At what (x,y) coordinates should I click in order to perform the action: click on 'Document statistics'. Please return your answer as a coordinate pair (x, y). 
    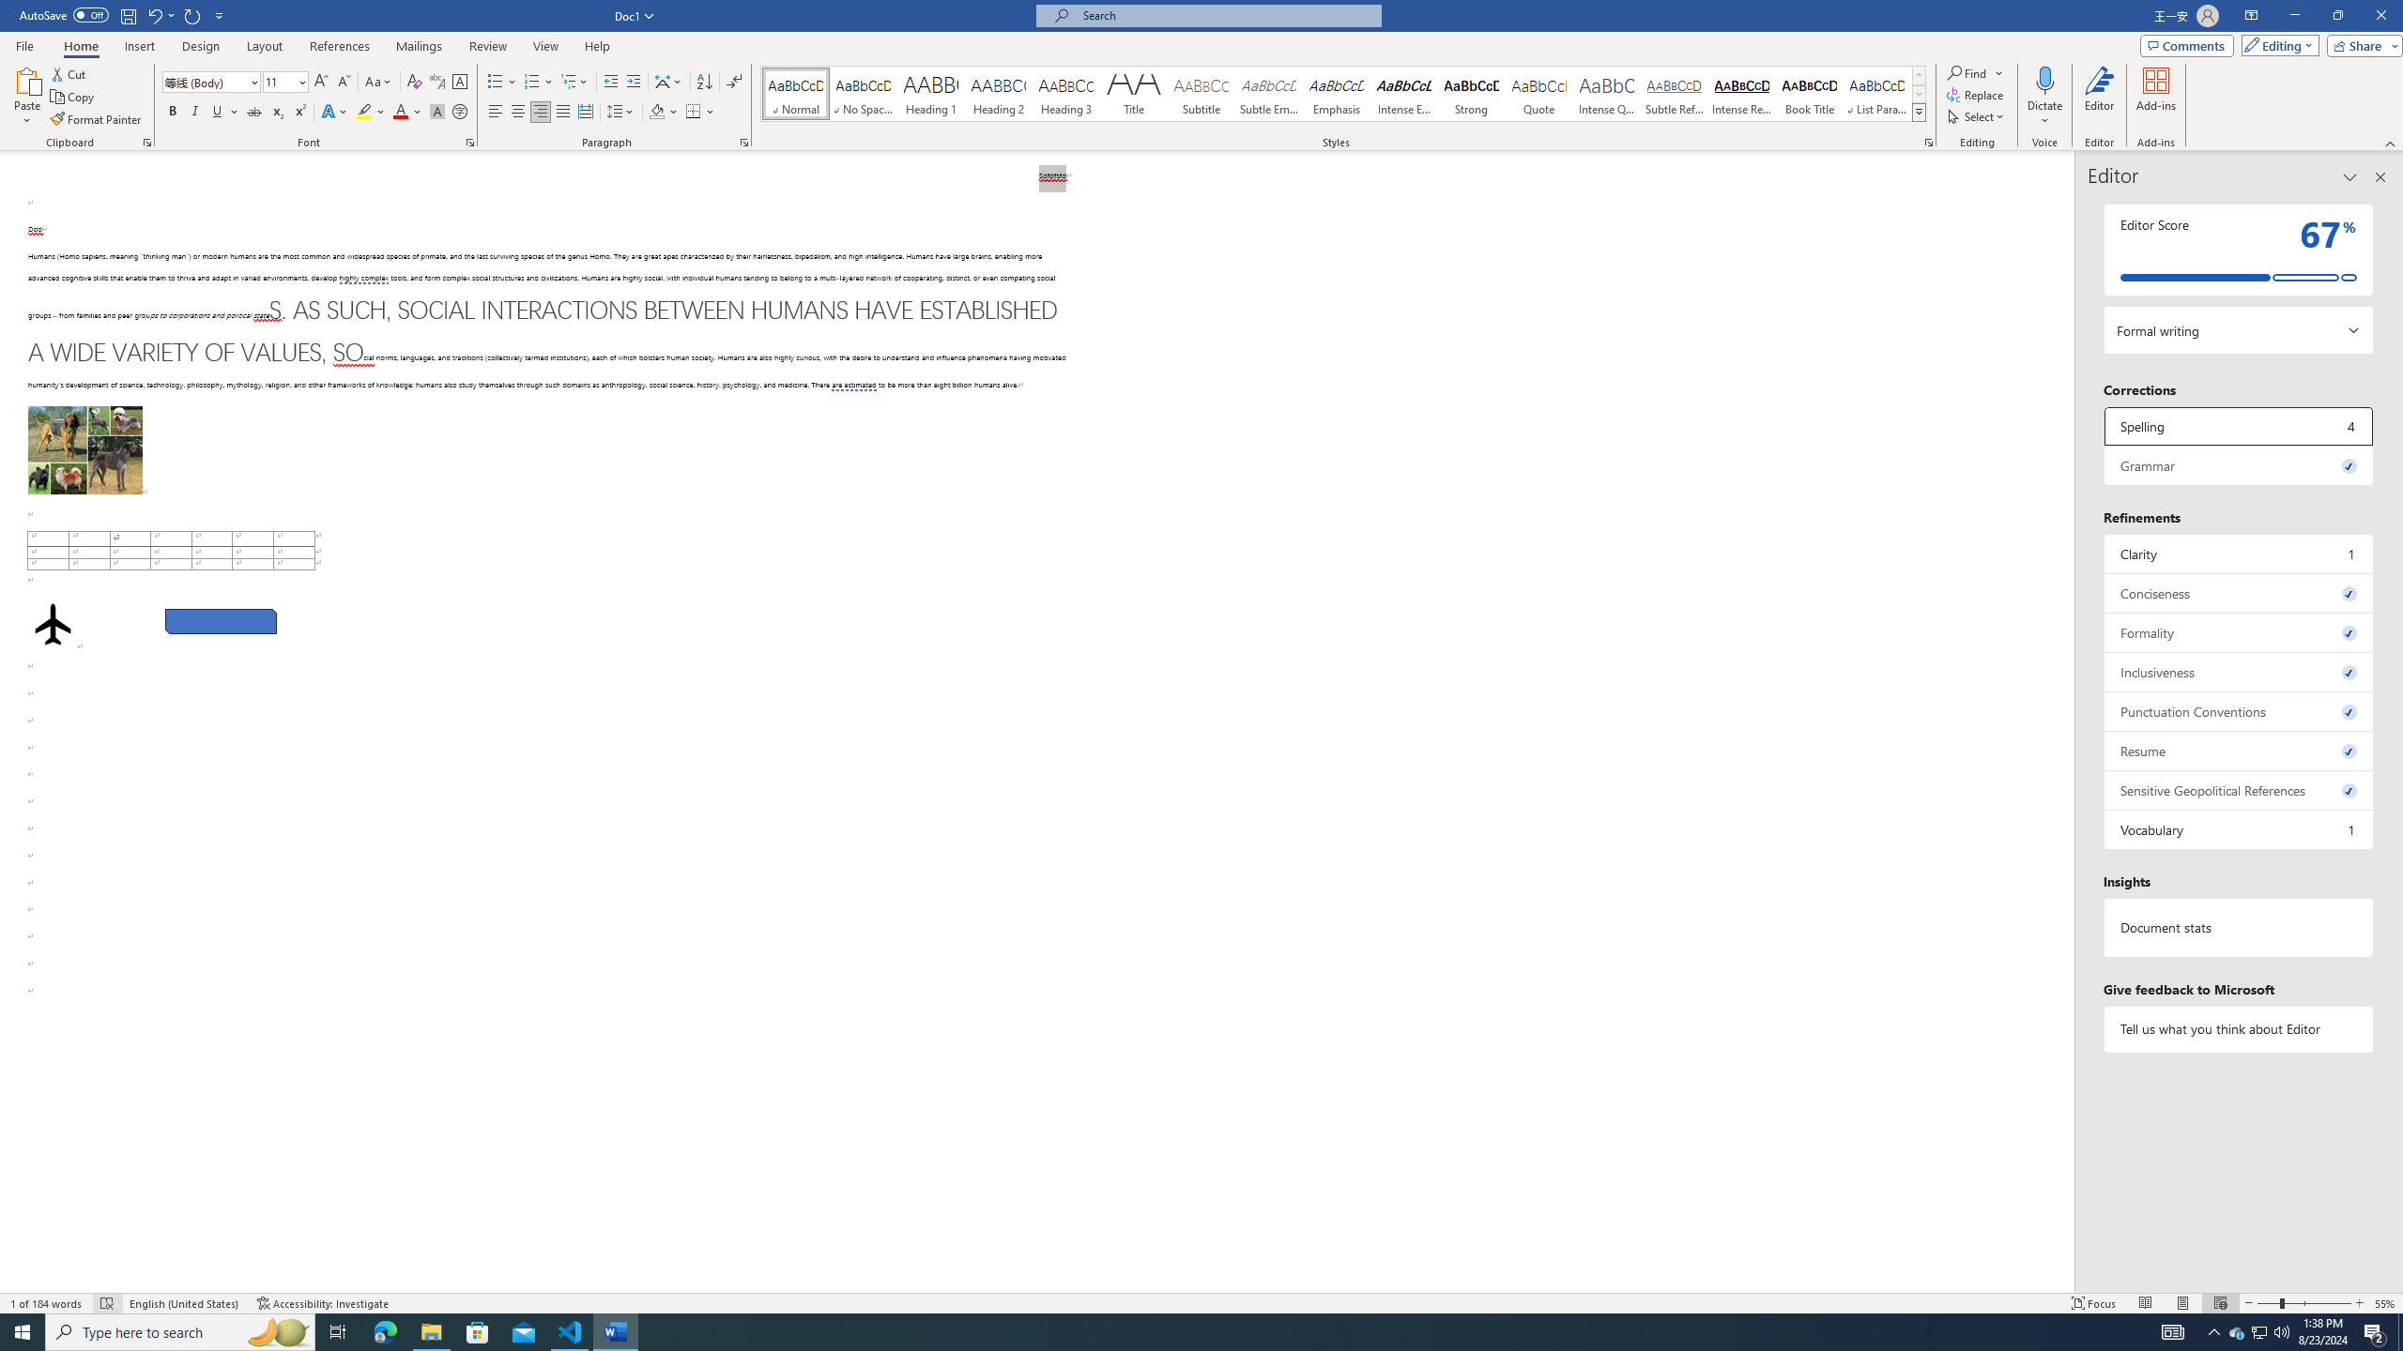
    Looking at the image, I should click on (2238, 927).